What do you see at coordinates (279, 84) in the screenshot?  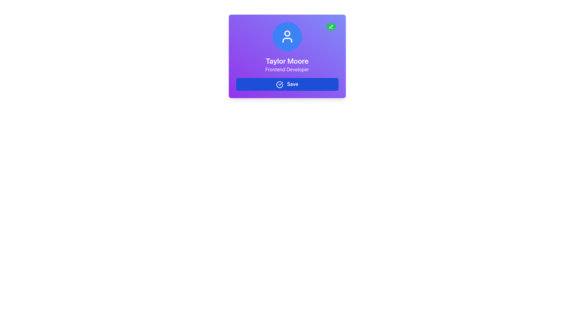 I see `the circular icon with a checkmark inside located within the 'Save' button on the card displaying 'Taylor Moore' and 'Frontend Developer.'` at bounding box center [279, 84].